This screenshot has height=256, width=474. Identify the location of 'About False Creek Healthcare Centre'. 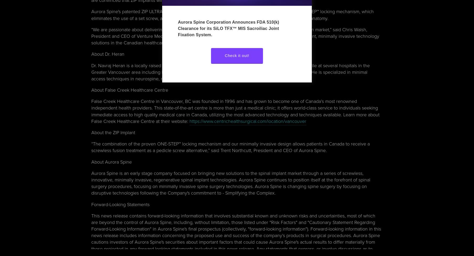
(130, 90).